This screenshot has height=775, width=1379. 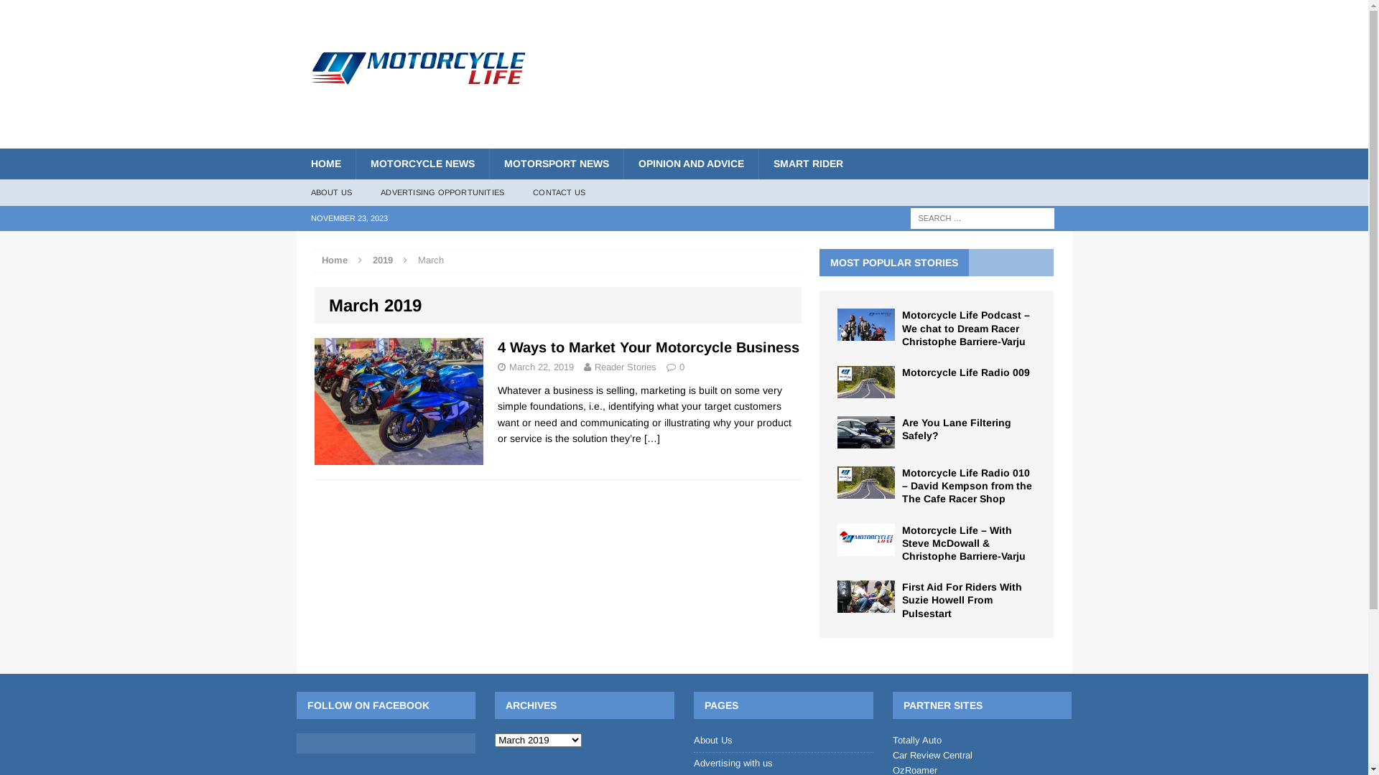 What do you see at coordinates (333, 260) in the screenshot?
I see `'Home'` at bounding box center [333, 260].